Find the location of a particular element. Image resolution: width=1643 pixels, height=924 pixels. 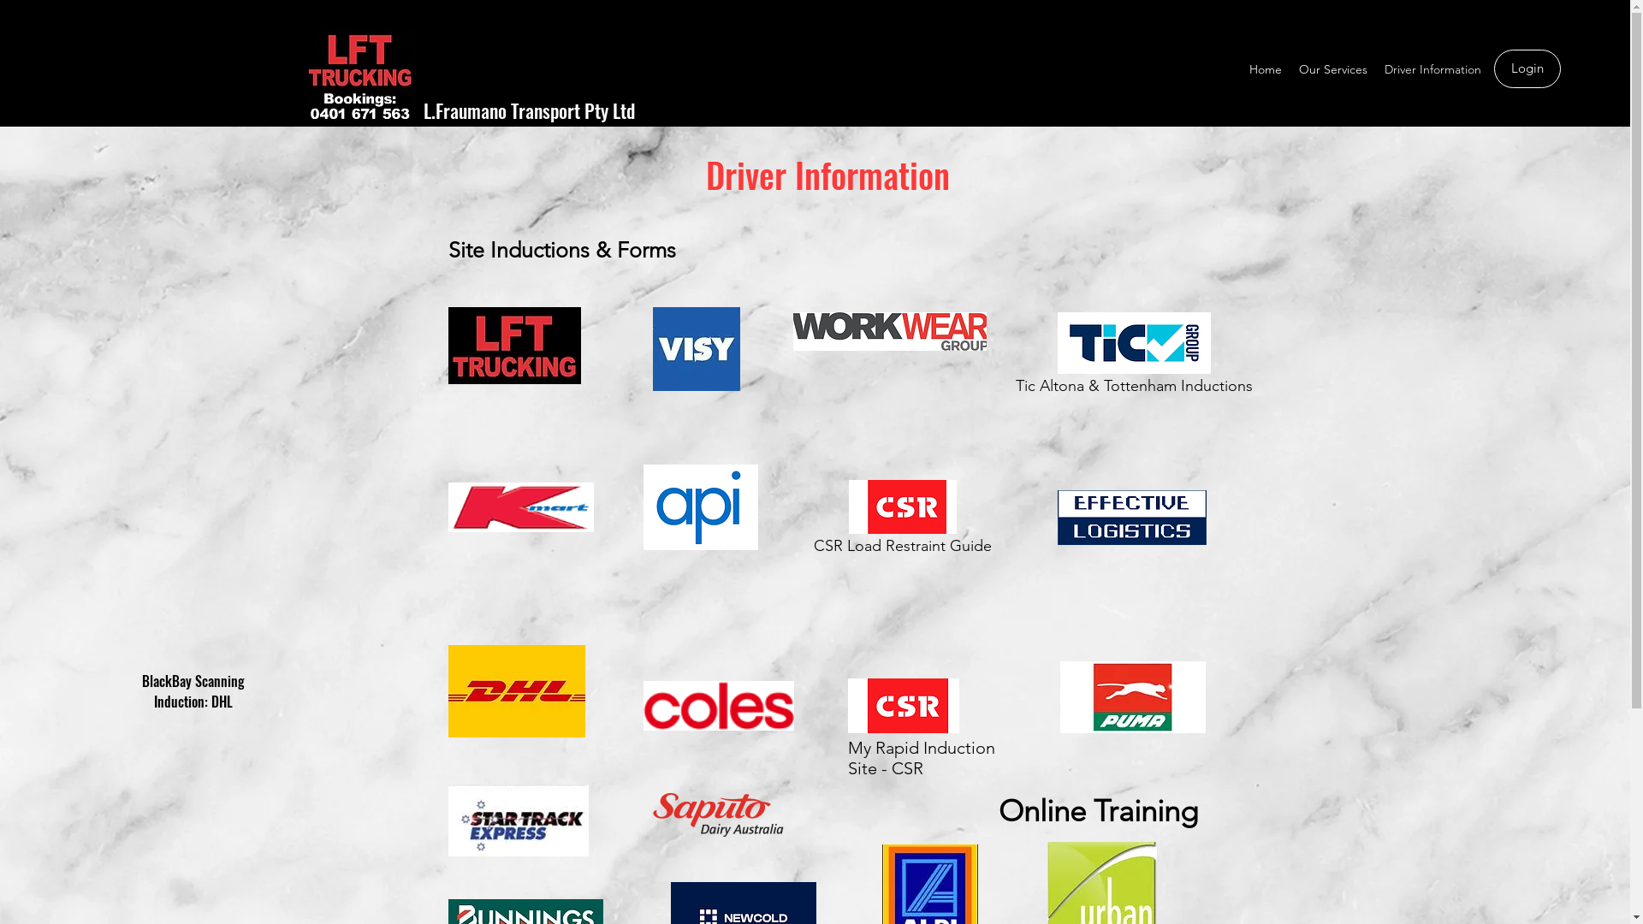

'CSR Load Restraint Guide' is located at coordinates (902, 521).